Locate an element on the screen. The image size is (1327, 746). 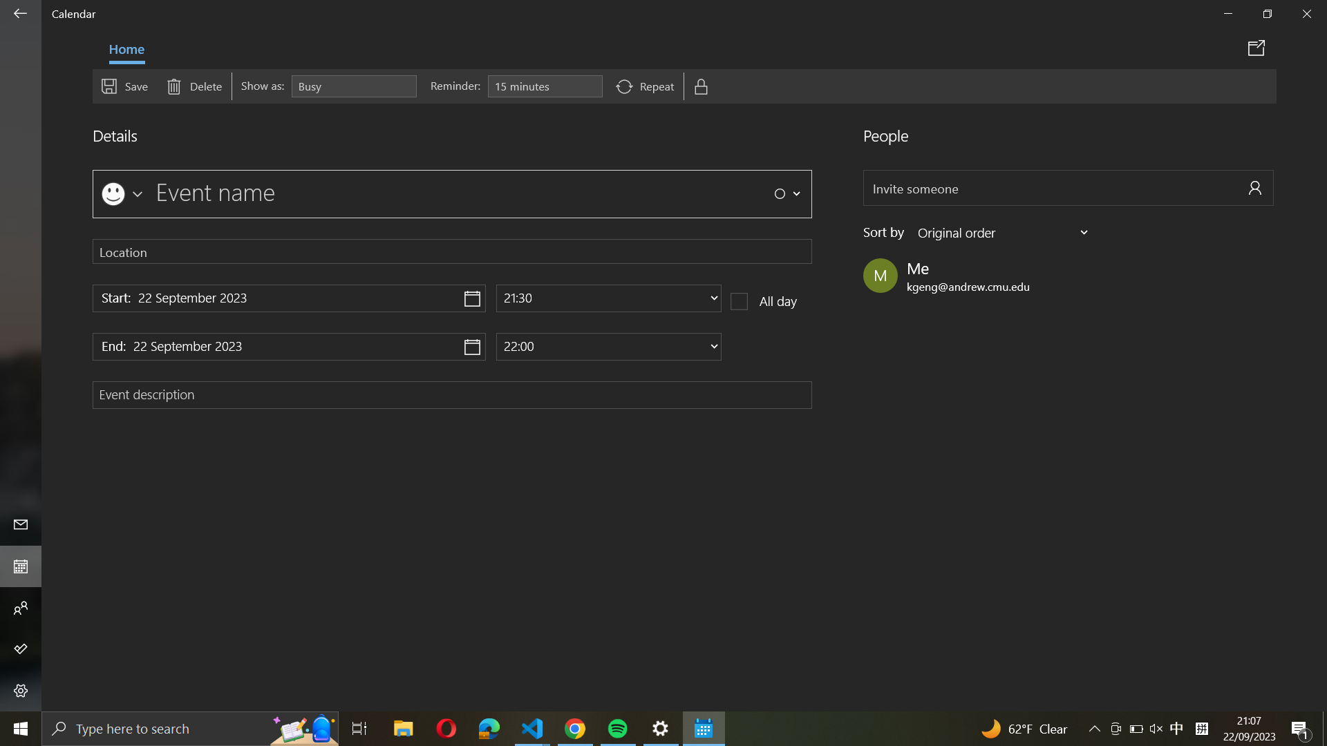
an alert for the occasion is located at coordinates (544, 86).